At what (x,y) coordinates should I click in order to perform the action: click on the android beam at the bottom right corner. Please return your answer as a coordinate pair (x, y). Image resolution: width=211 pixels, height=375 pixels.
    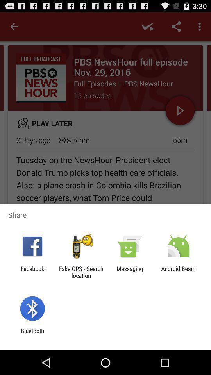
    Looking at the image, I should click on (178, 272).